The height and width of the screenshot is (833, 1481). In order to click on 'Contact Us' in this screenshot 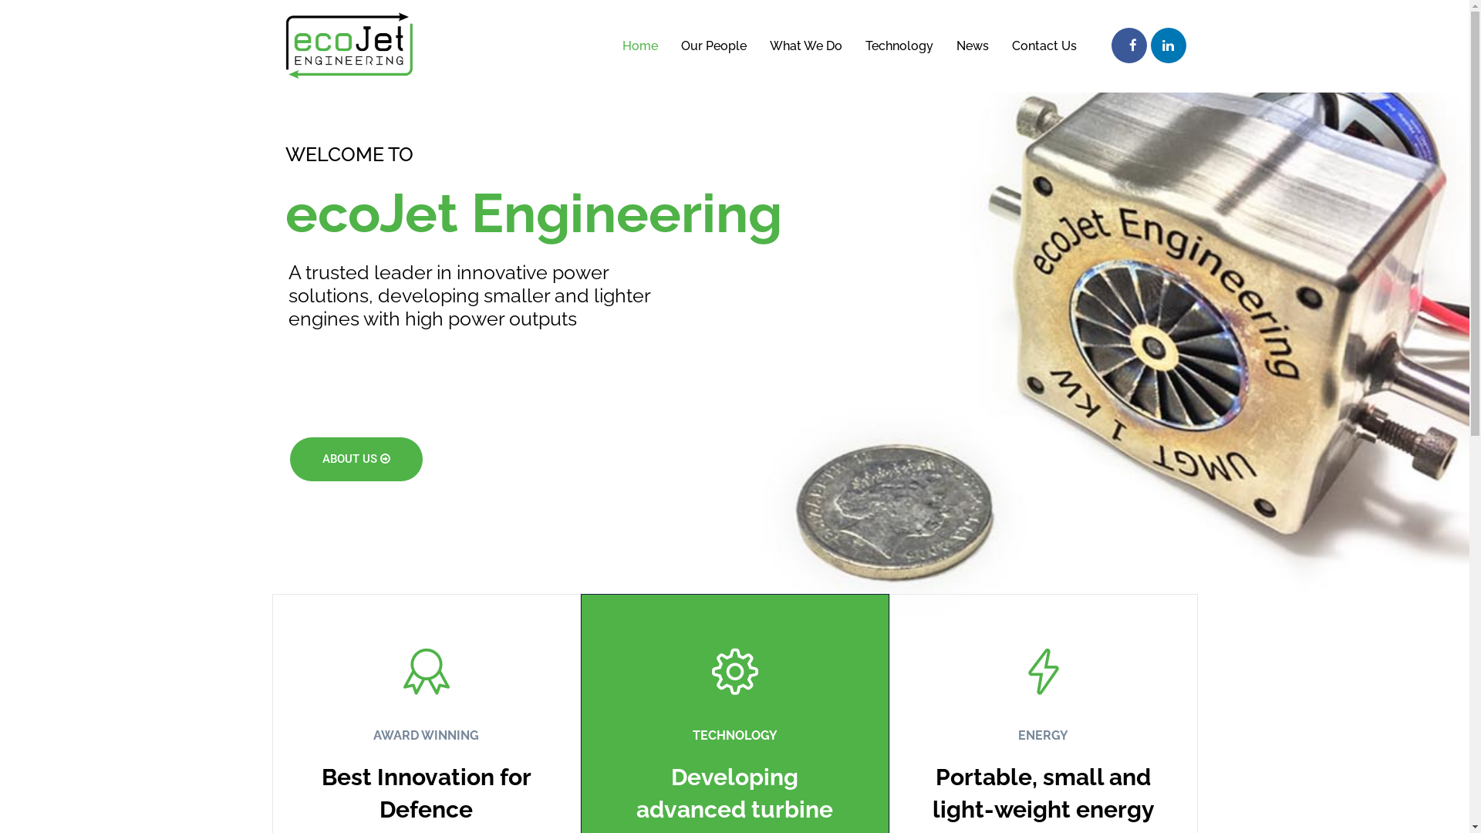, I will do `click(1044, 46)`.